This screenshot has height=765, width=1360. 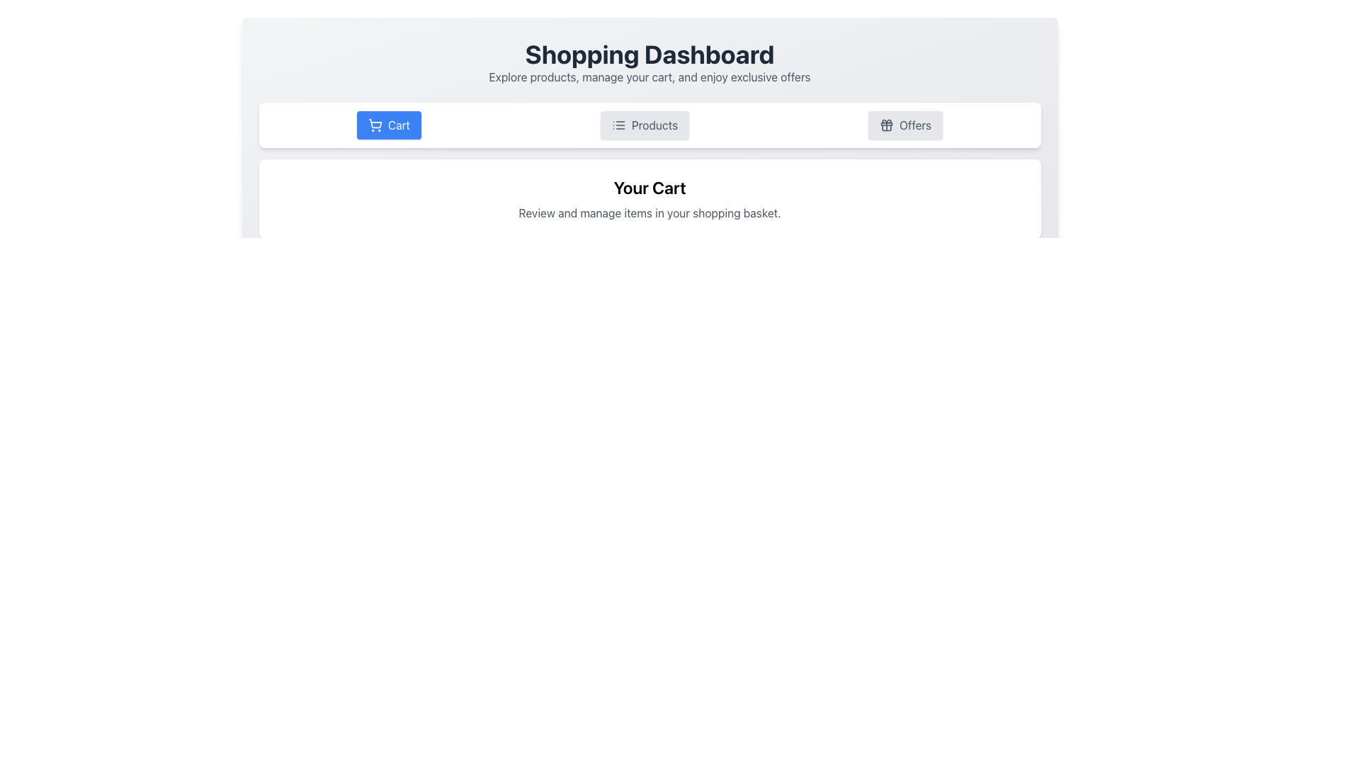 I want to click on the 'Cart' text label displayed in white font on a blue rounded button, which is part of the navigational section near the top of the interface, so click(x=398, y=125).